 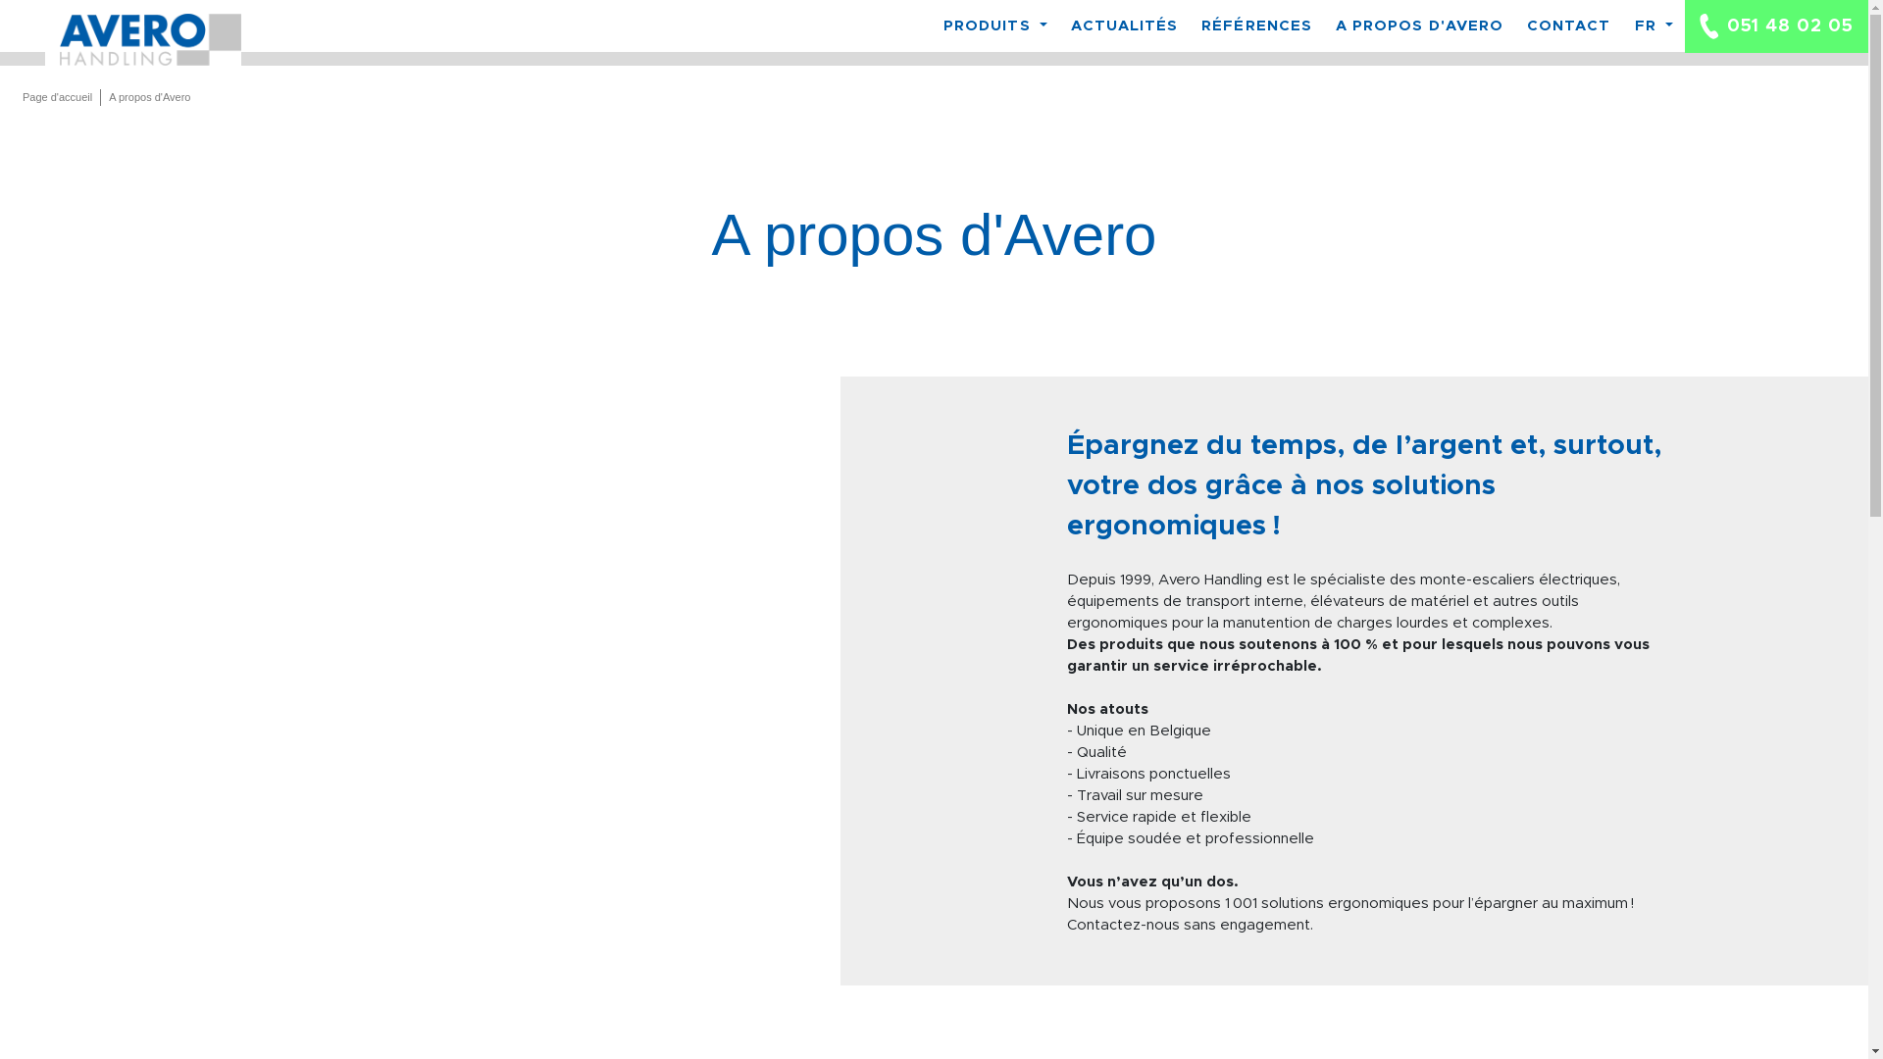 I want to click on '051 48 02 05', so click(x=1776, y=26).